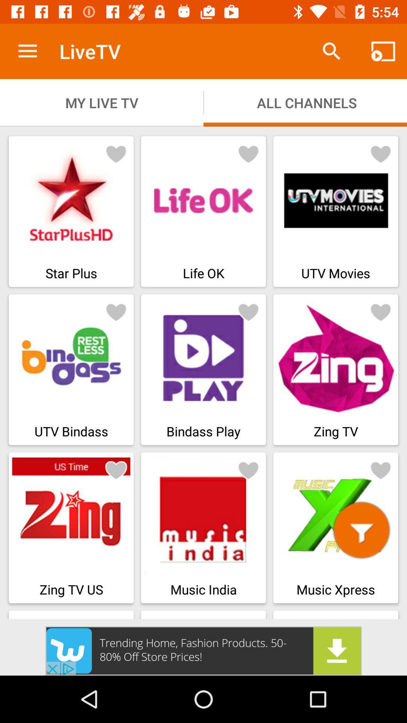 The image size is (407, 723). What do you see at coordinates (248, 312) in the screenshot?
I see `heart page` at bounding box center [248, 312].